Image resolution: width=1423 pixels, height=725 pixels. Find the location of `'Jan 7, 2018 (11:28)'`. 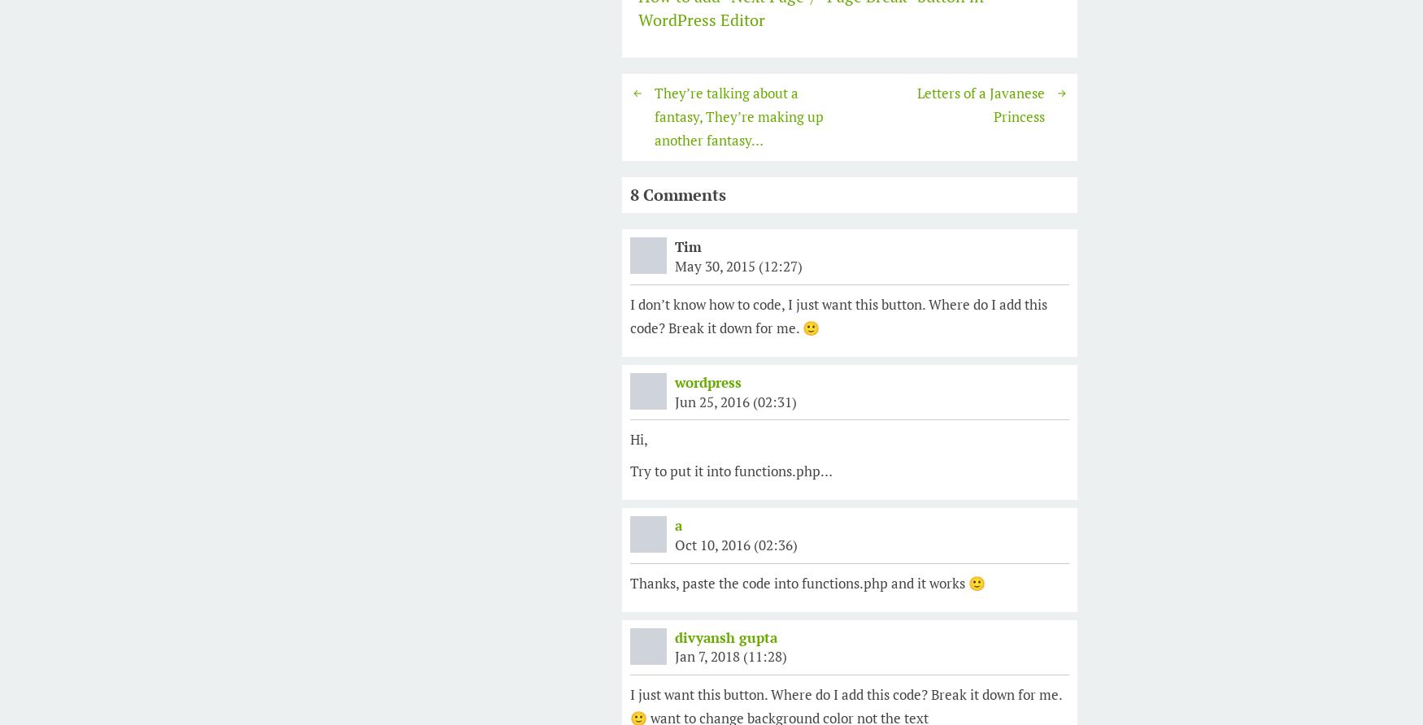

'Jan 7, 2018 (11:28)' is located at coordinates (729, 655).